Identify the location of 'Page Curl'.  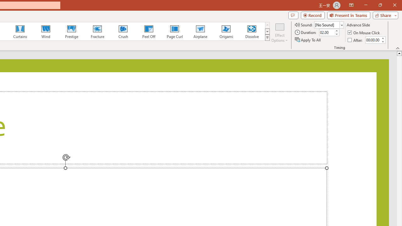
(174, 31).